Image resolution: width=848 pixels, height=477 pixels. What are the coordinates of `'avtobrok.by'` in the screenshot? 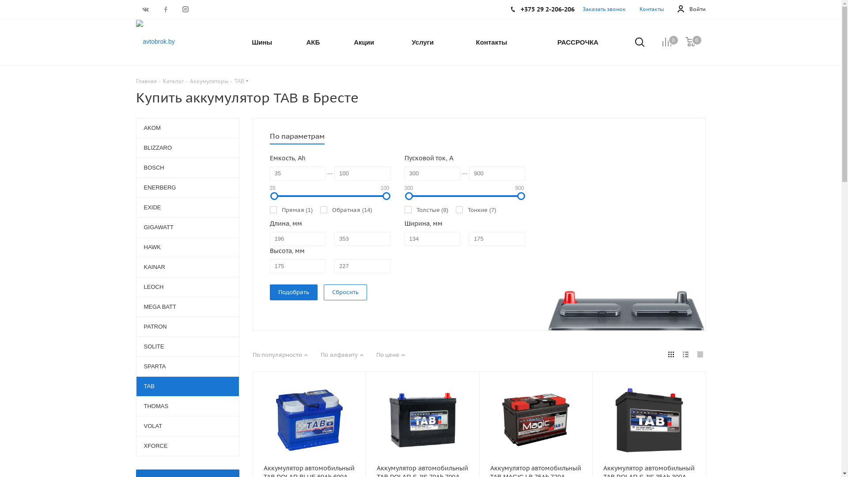 It's located at (155, 41).